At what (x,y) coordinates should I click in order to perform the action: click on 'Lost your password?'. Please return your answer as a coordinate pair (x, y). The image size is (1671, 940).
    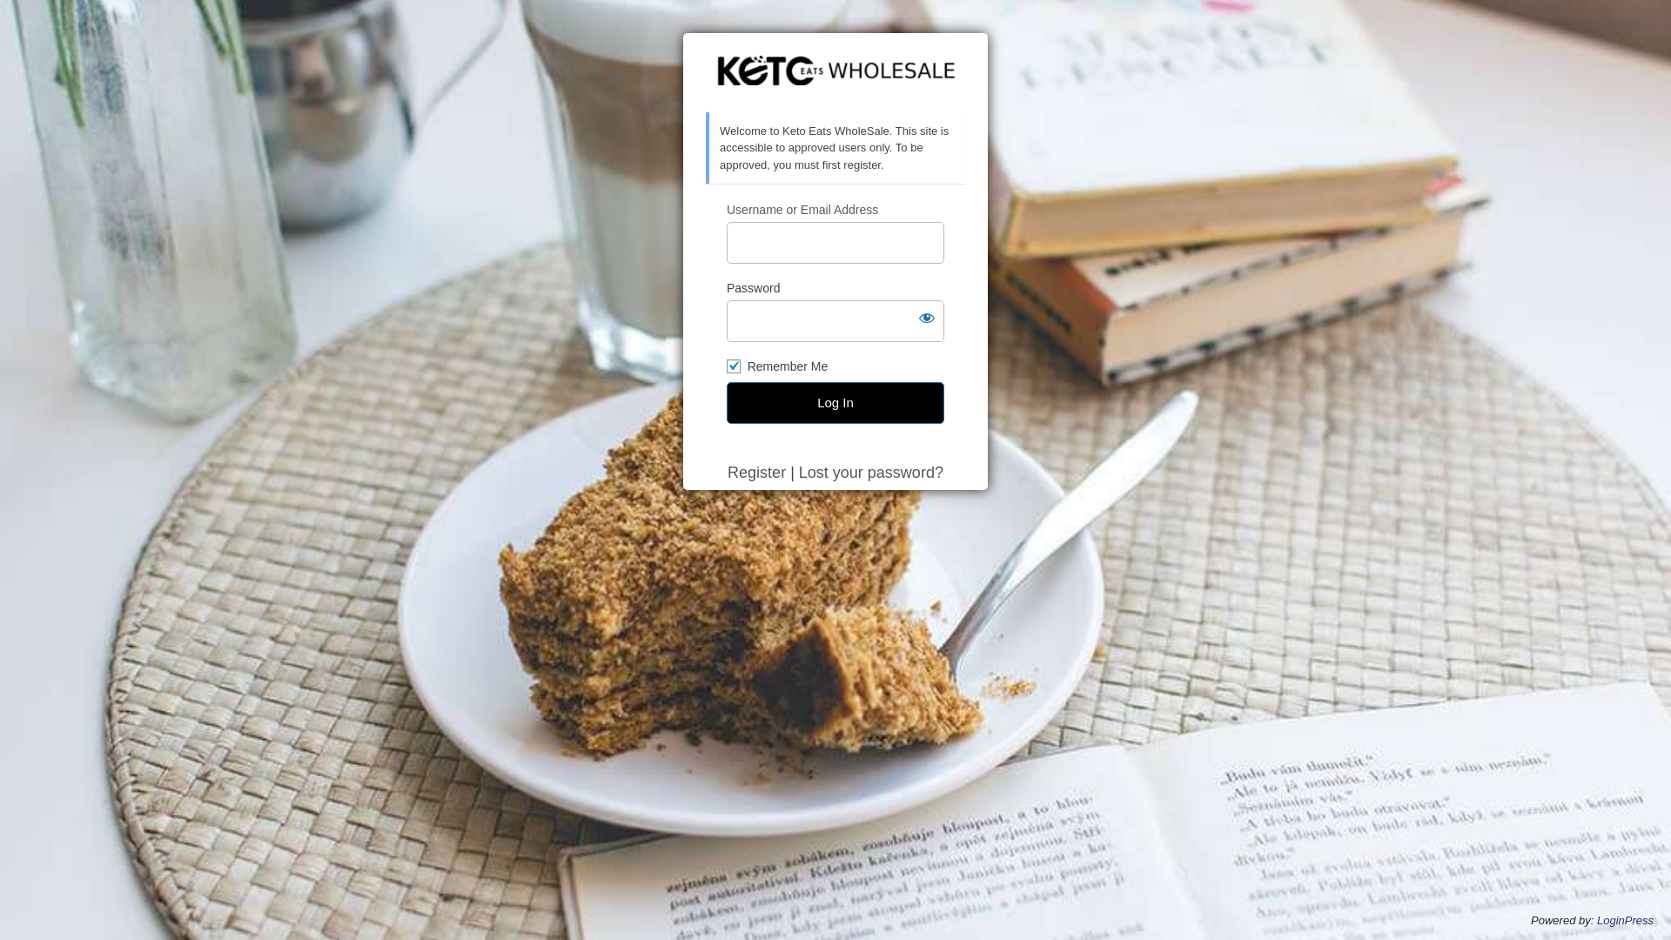
    Looking at the image, I should click on (871, 473).